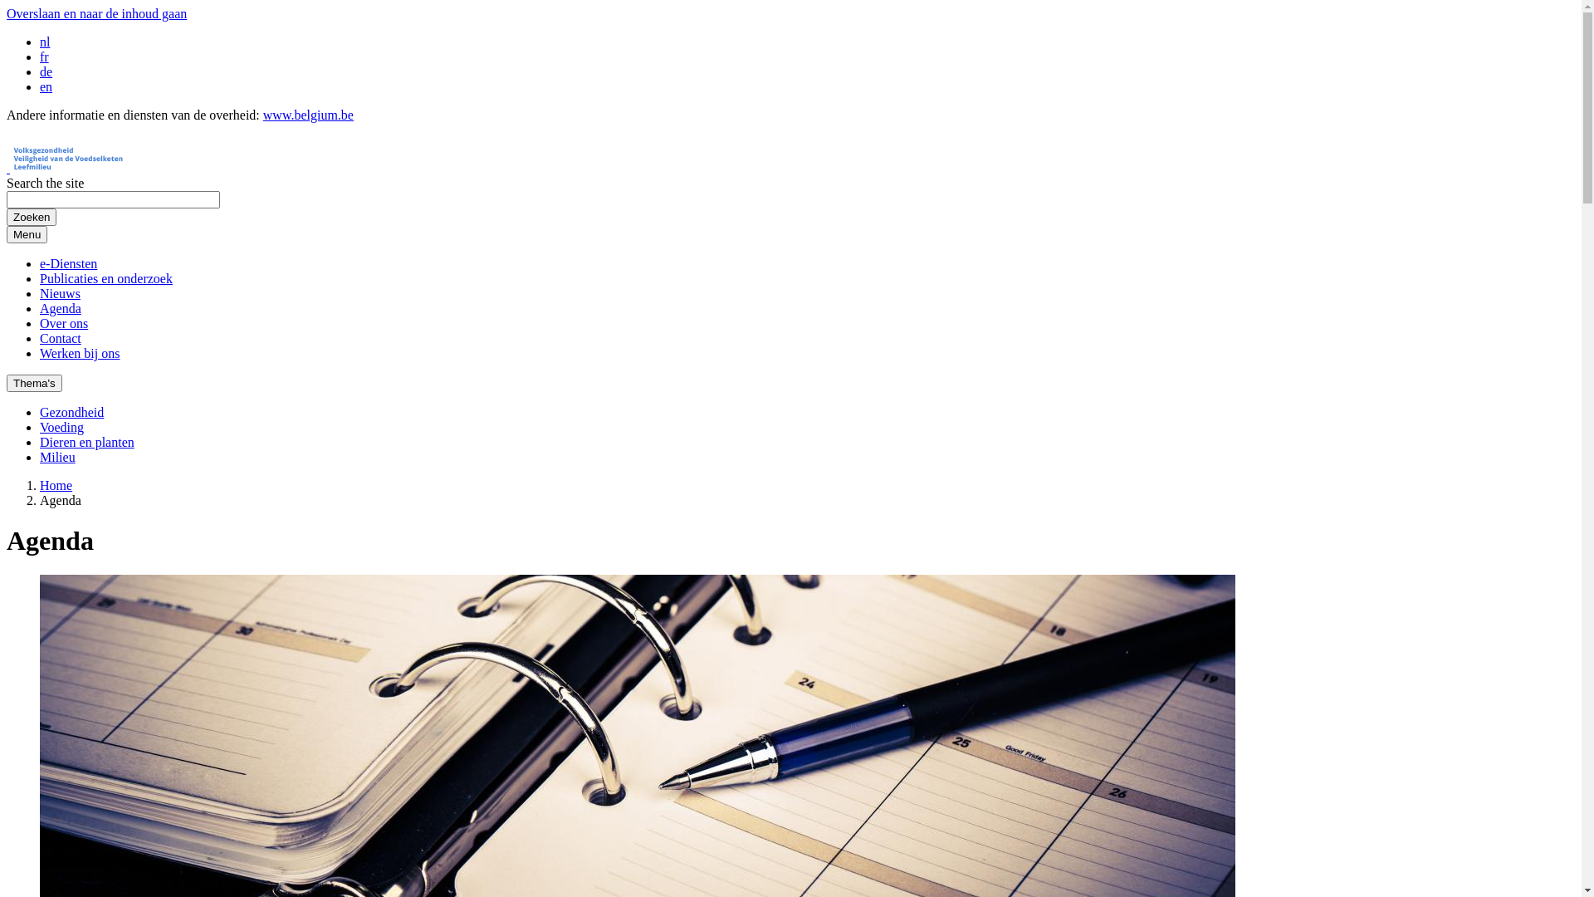  What do you see at coordinates (27, 234) in the screenshot?
I see `'Menu'` at bounding box center [27, 234].